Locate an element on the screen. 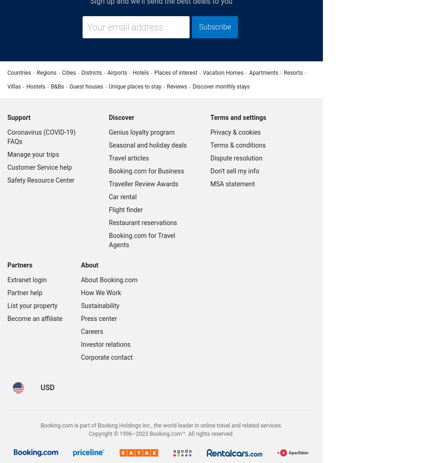 This screenshot has height=463, width=447. 'Regions' is located at coordinates (46, 72).